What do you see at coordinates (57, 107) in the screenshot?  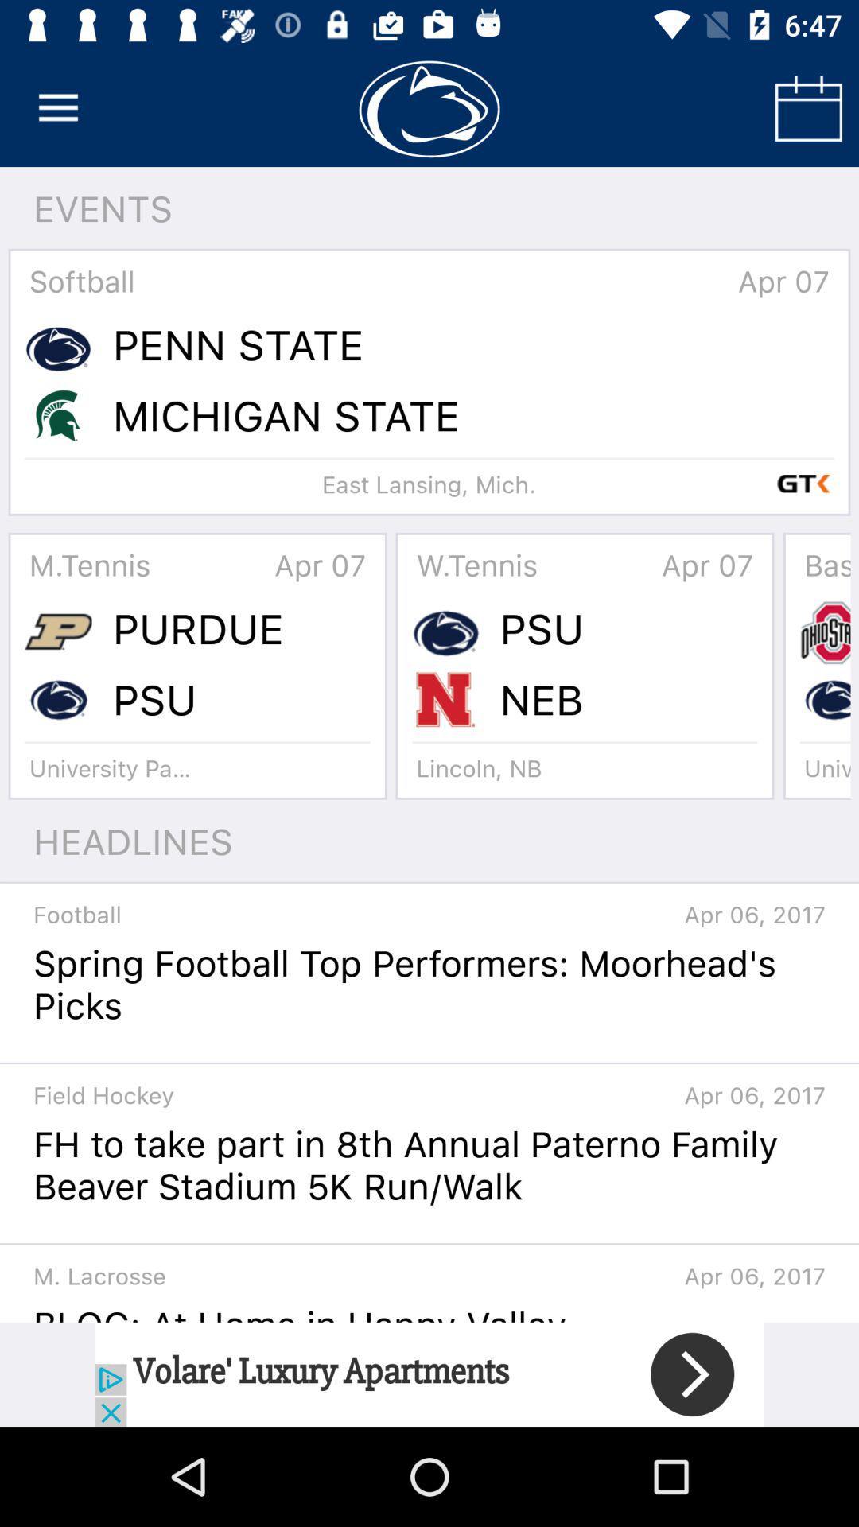 I see `open main menu` at bounding box center [57, 107].